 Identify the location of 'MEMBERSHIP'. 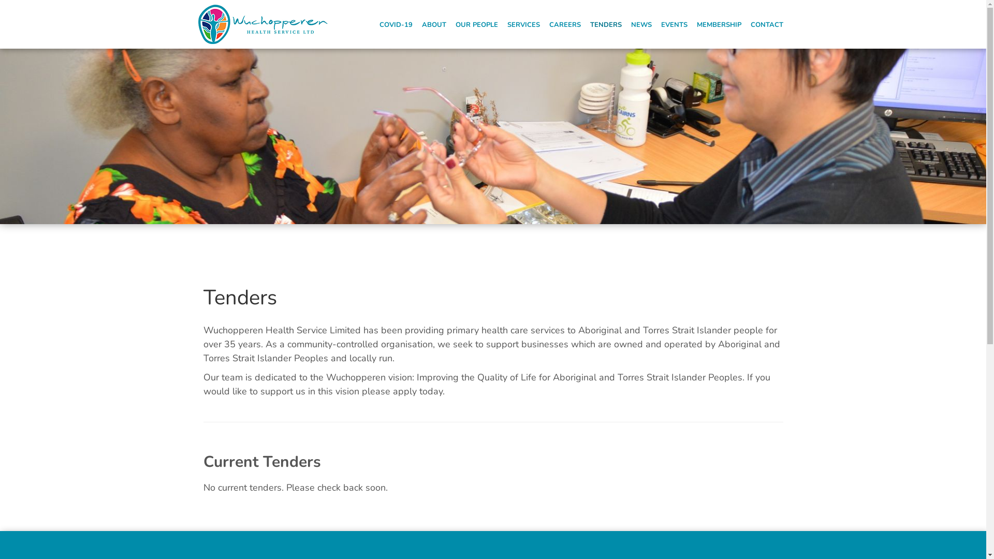
(718, 24).